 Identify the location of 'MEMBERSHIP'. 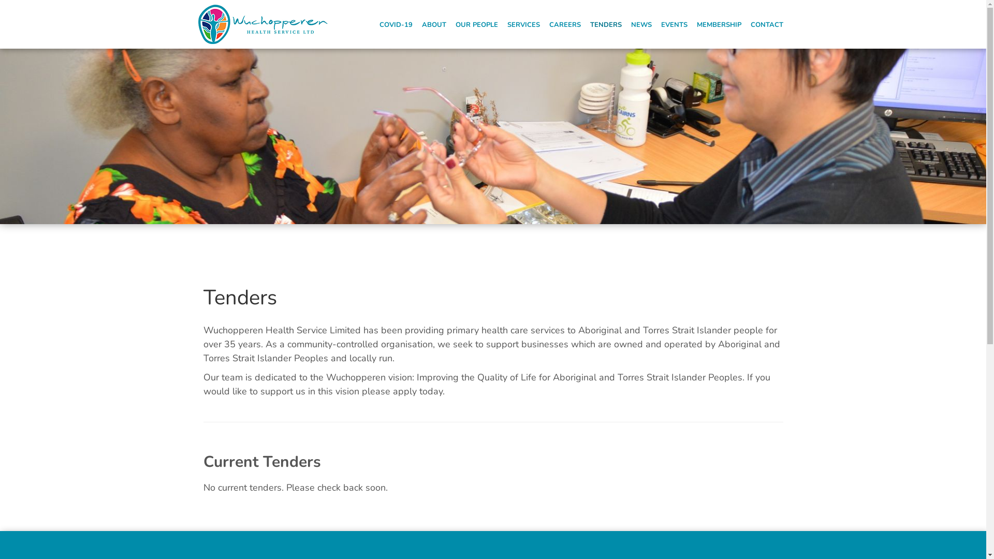
(718, 24).